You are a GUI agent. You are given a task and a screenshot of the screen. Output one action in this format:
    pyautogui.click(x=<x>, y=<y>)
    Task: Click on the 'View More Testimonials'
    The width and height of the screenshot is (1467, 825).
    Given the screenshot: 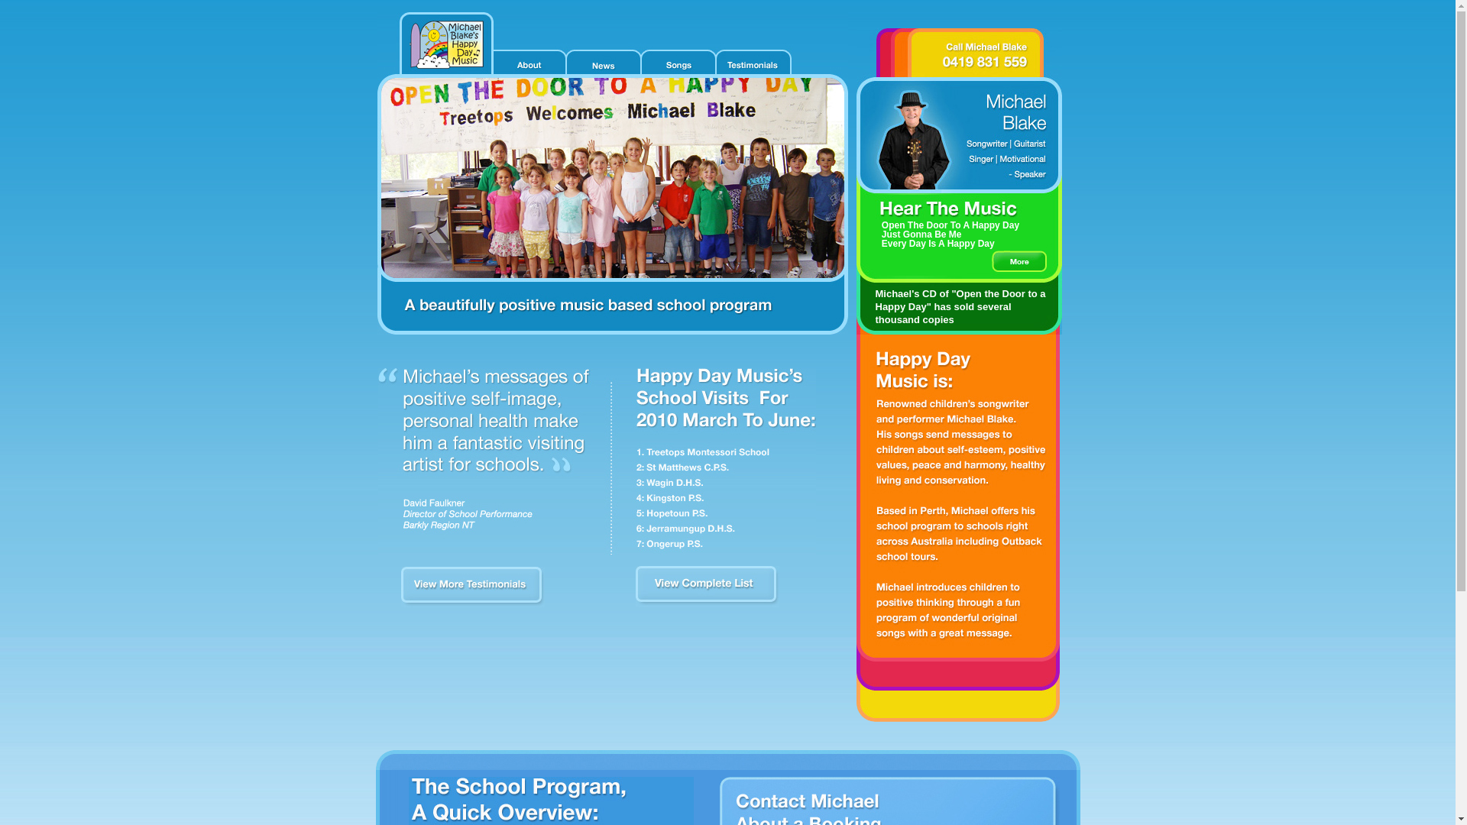 What is the action you would take?
    pyautogui.click(x=471, y=603)
    